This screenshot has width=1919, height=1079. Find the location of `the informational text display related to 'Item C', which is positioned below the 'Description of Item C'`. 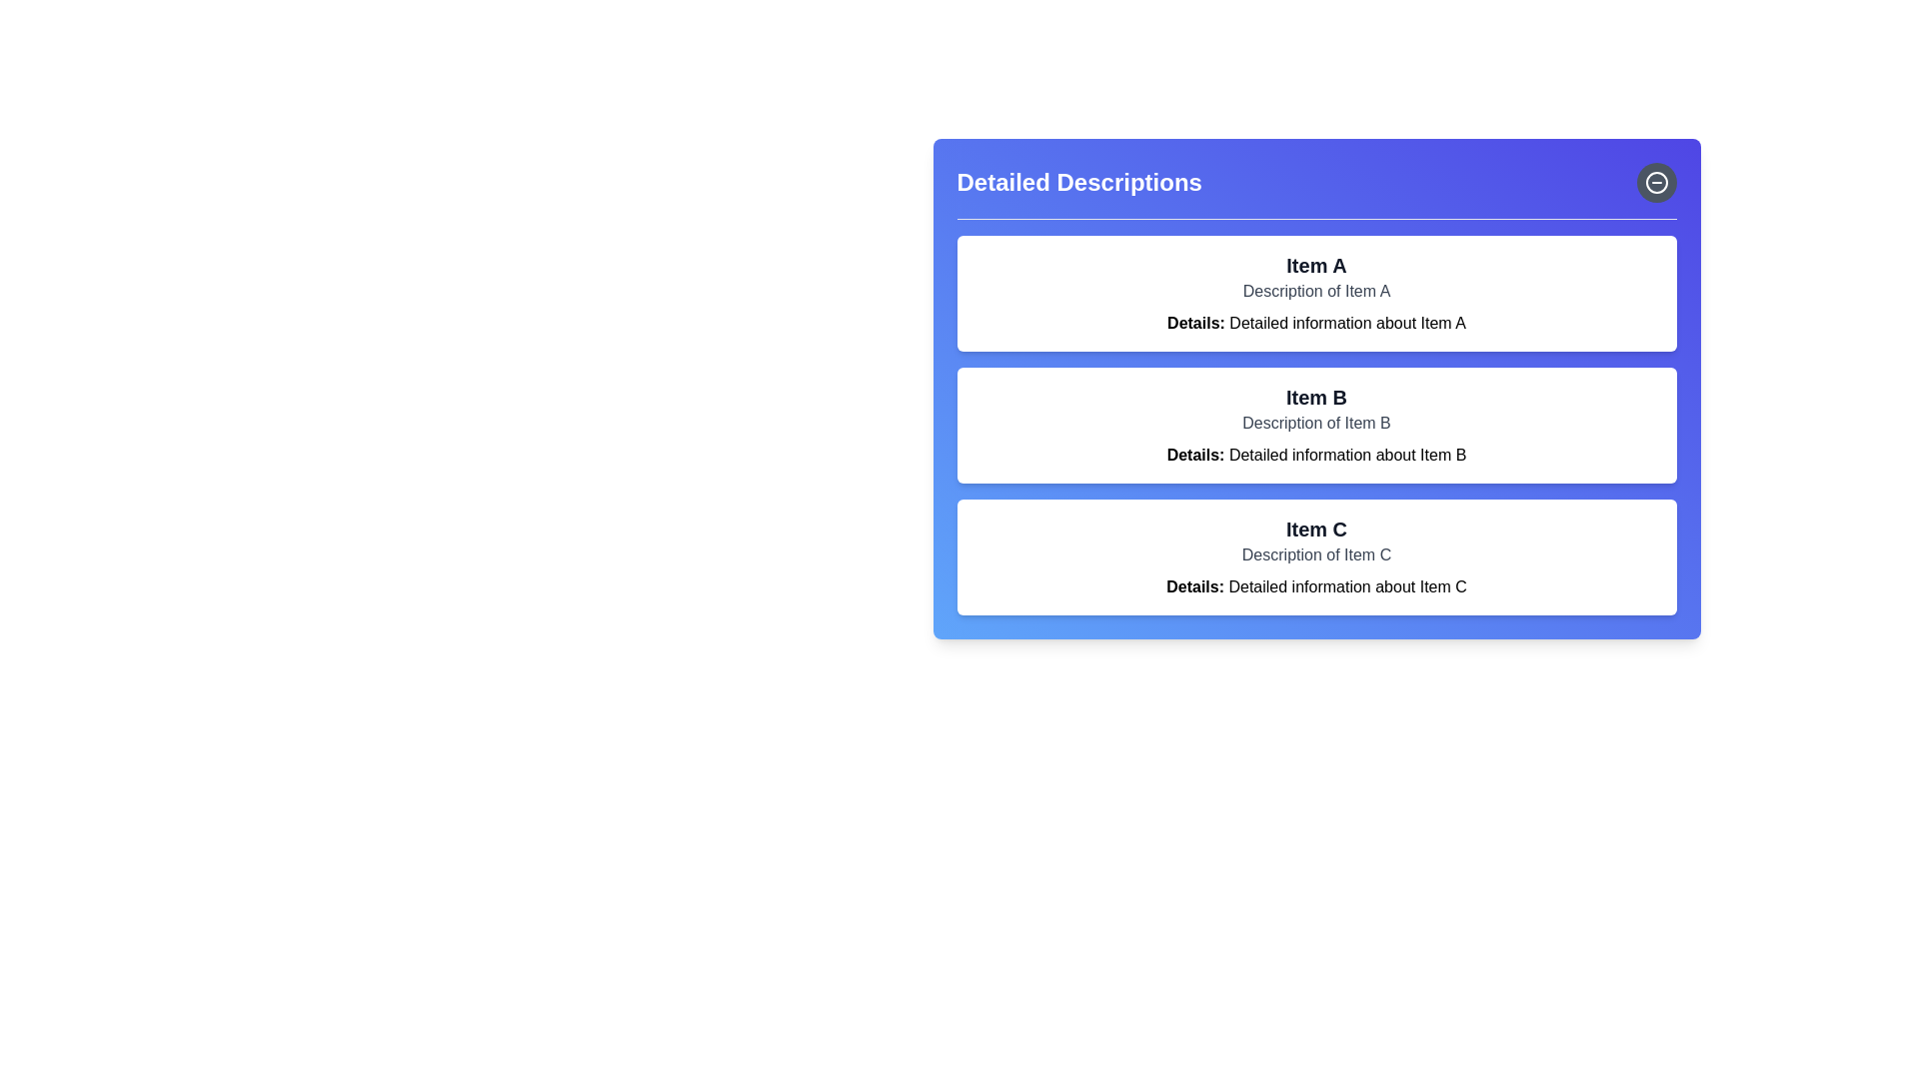

the informational text display related to 'Item C', which is positioned below the 'Description of Item C' is located at coordinates (1316, 585).